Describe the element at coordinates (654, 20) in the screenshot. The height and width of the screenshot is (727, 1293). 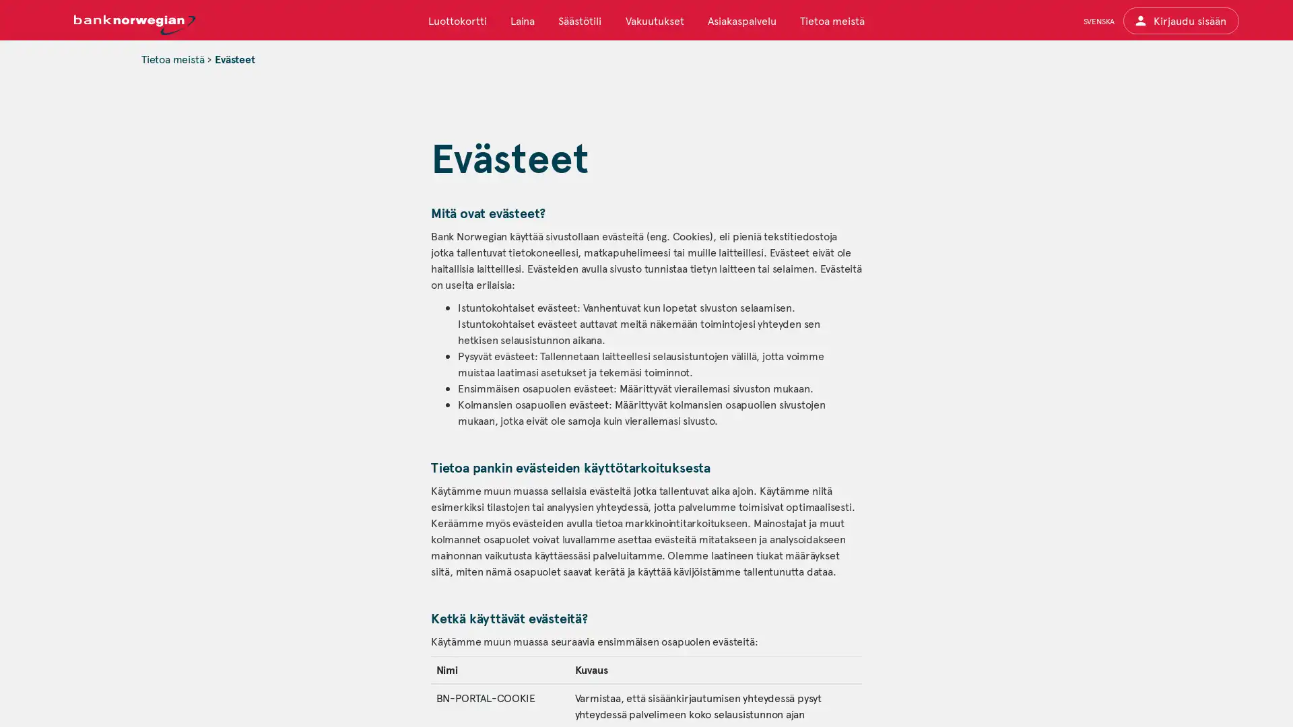
I see `Vakuutukset` at that location.